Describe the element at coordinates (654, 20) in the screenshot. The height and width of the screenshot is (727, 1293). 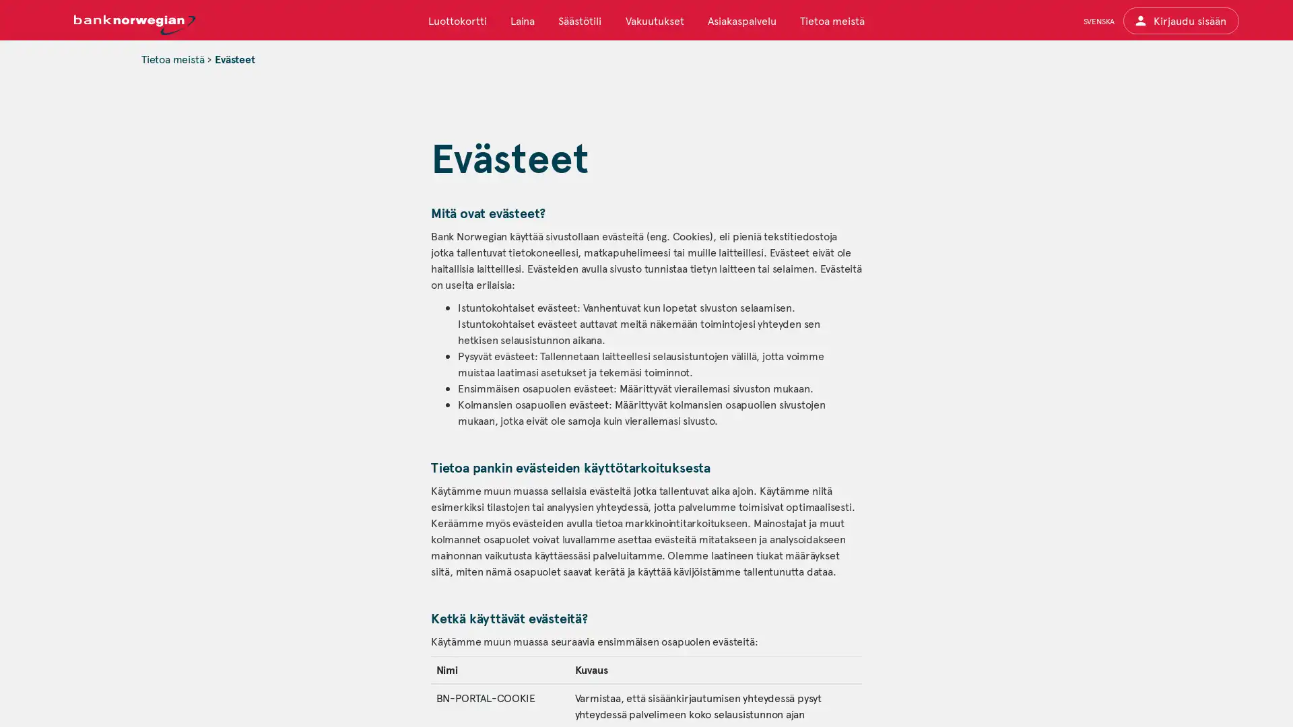
I see `Vakuutukset` at that location.